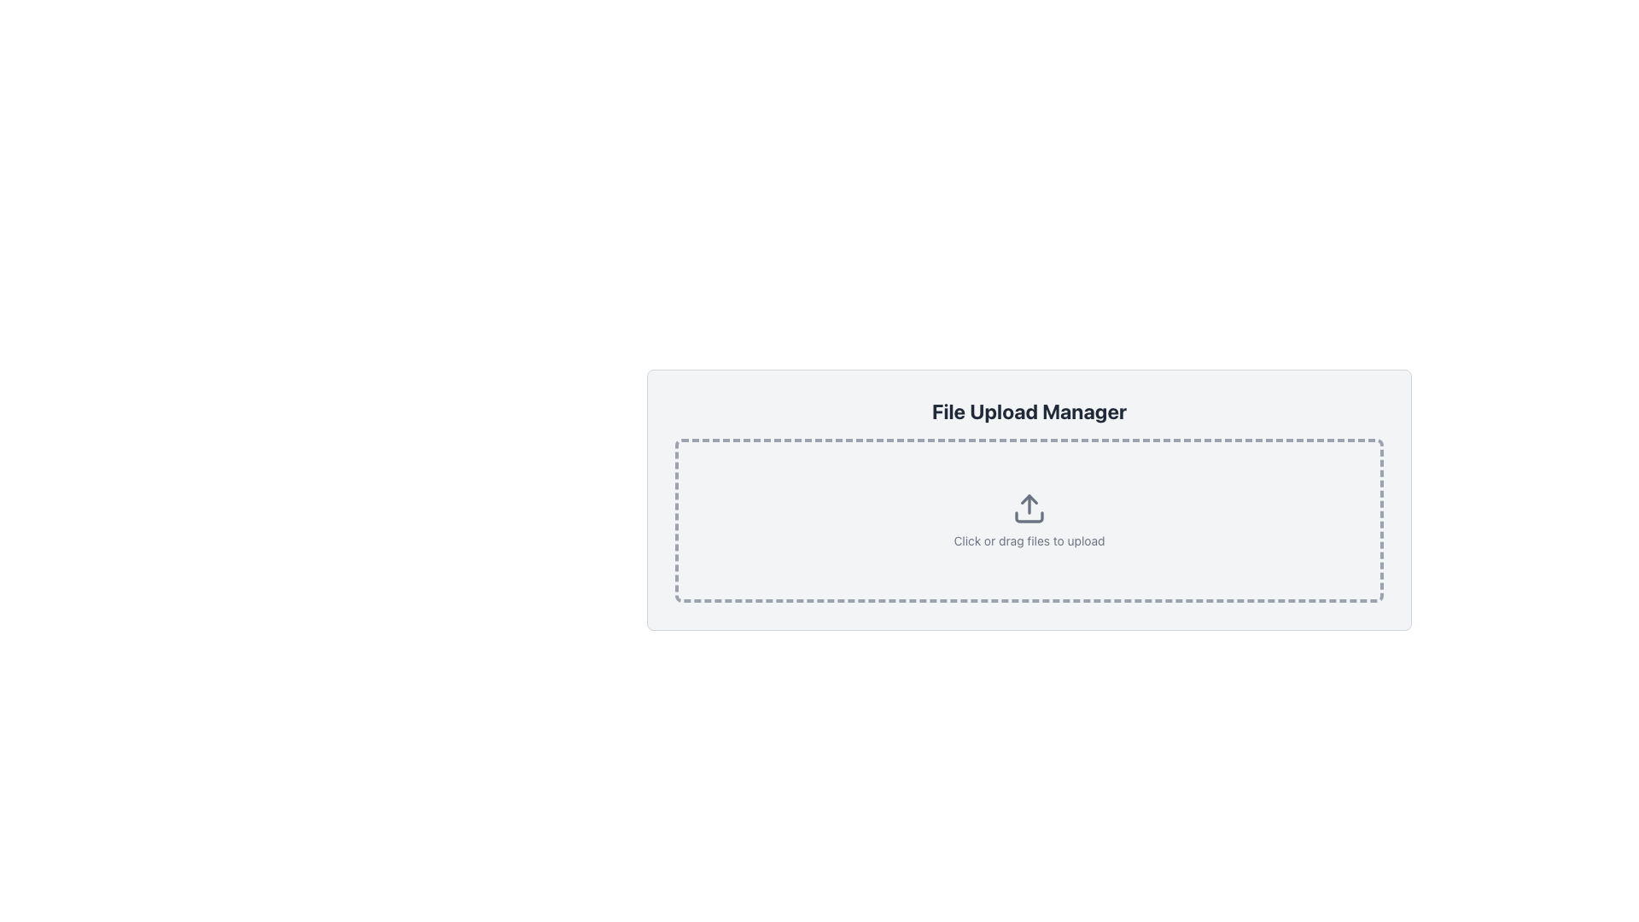 This screenshot has width=1639, height=922. Describe the element at coordinates (1028, 519) in the screenshot. I see `the Combined UI component consisting of an upward-pointing arrow icon and the label 'Click or drag files to upload'` at that location.